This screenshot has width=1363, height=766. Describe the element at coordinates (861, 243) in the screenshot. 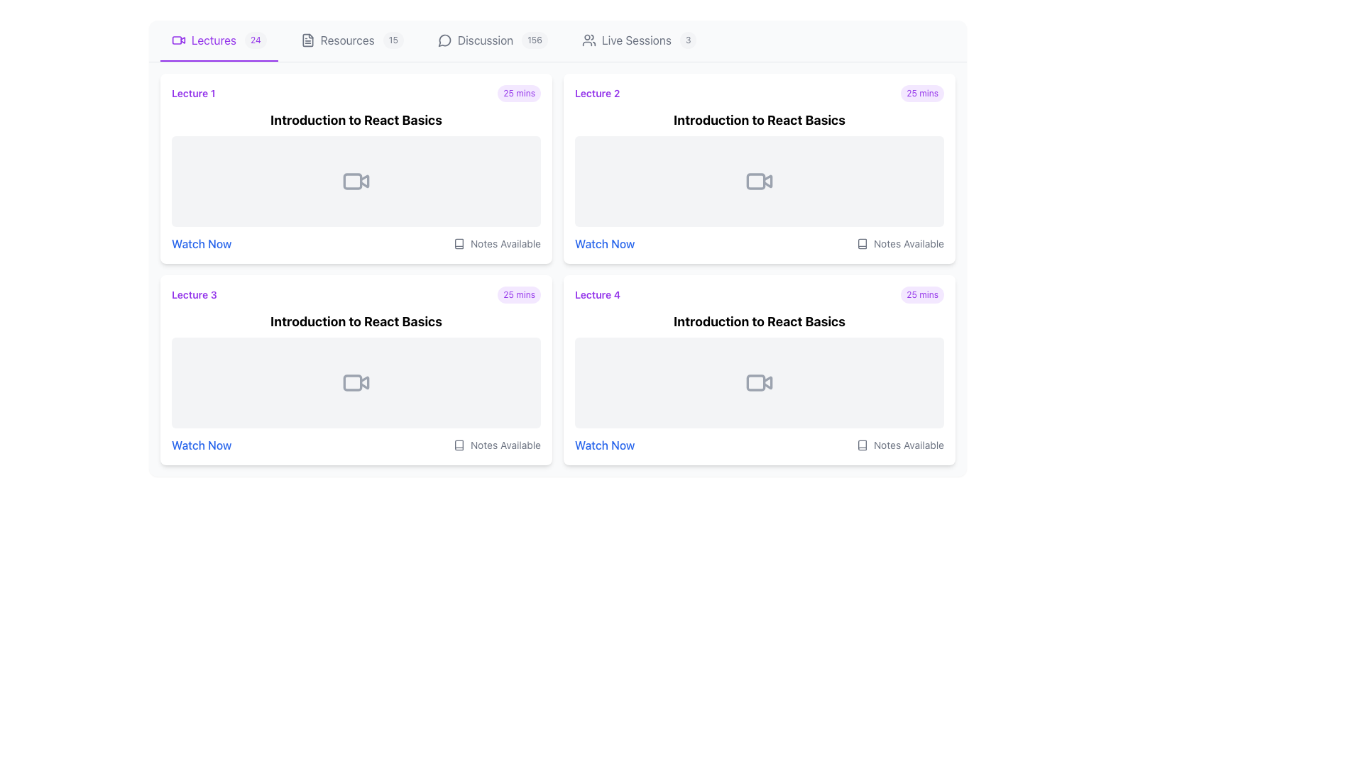

I see `the icon located to the left of the 'Notes Available' text in the bottom-right section of the second card in the upper row of a two-row grid` at that location.